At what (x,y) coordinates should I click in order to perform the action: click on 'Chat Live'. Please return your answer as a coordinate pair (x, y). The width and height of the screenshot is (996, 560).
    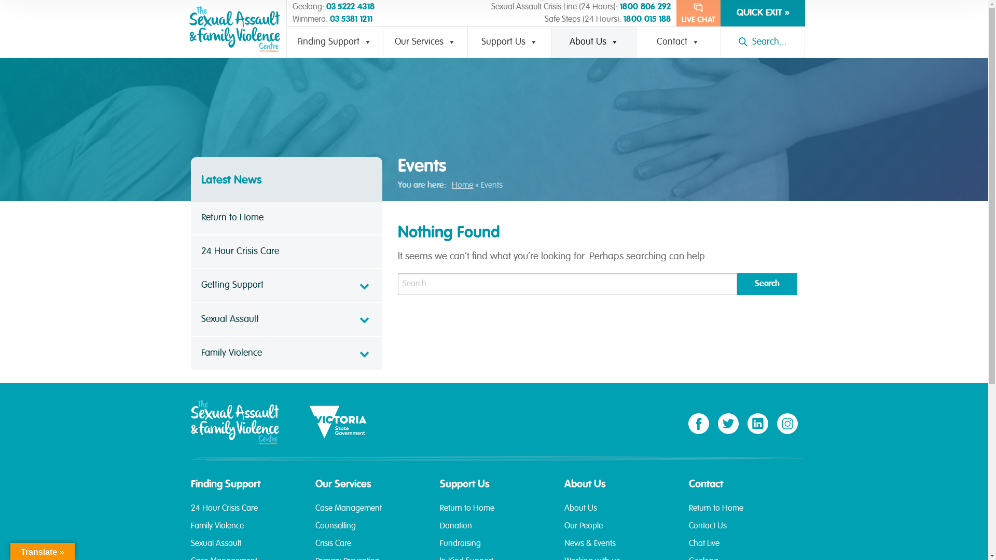
    Looking at the image, I should click on (743, 548).